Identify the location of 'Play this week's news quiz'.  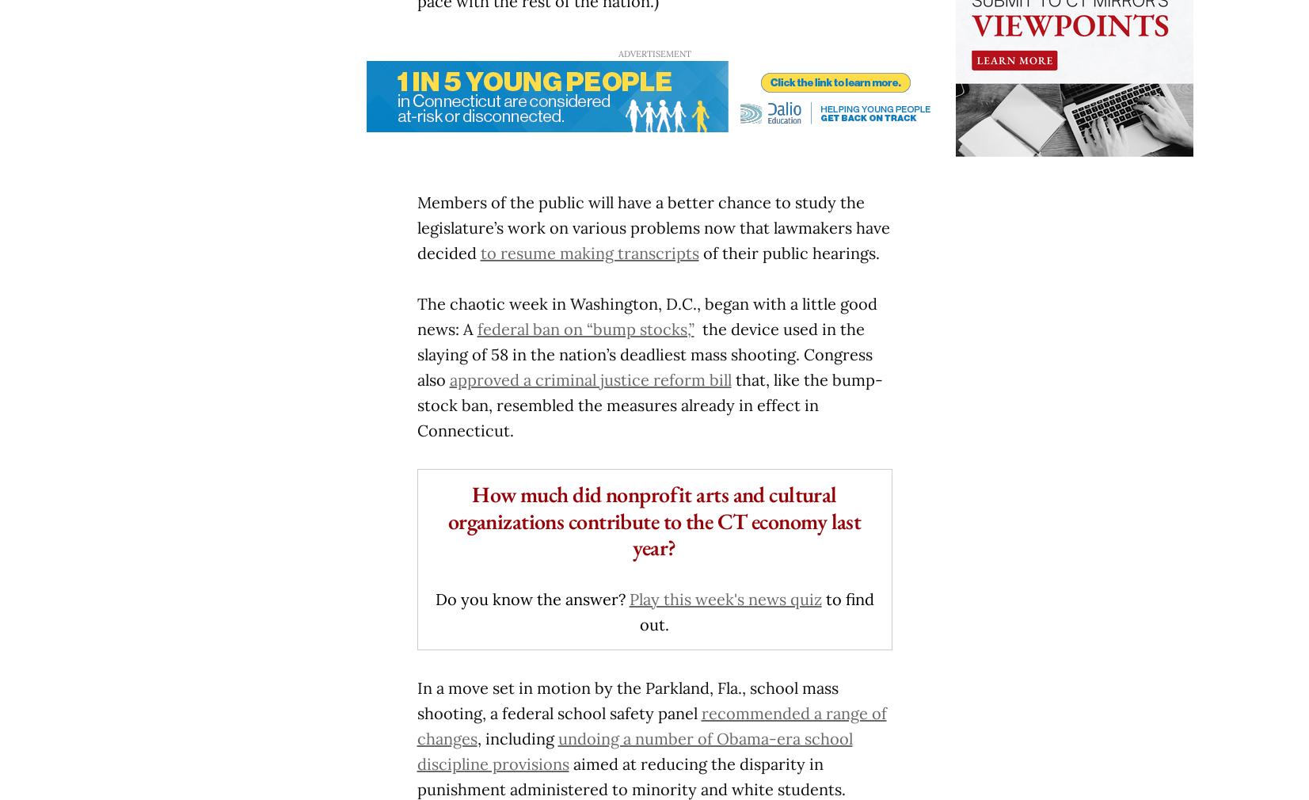
(627, 597).